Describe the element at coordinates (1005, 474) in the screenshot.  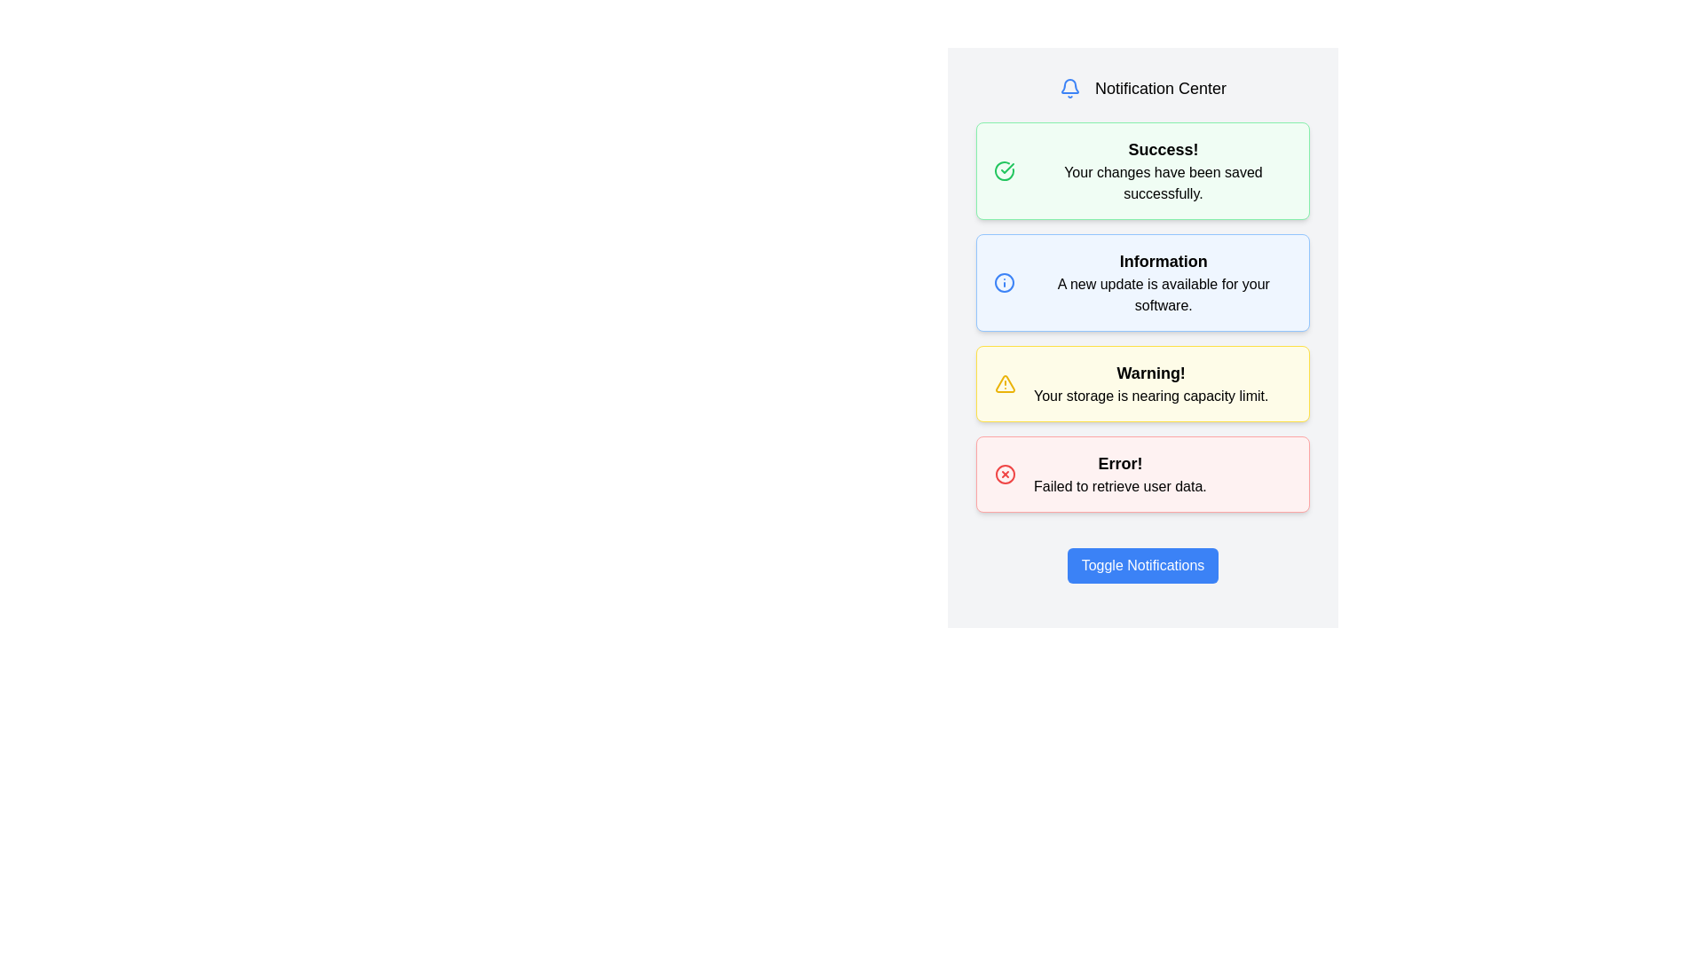
I see `the error icon located in the fourth notification box from the top, which is colored red and contains the text 'Error! Failed to retrieve user data.'` at that location.